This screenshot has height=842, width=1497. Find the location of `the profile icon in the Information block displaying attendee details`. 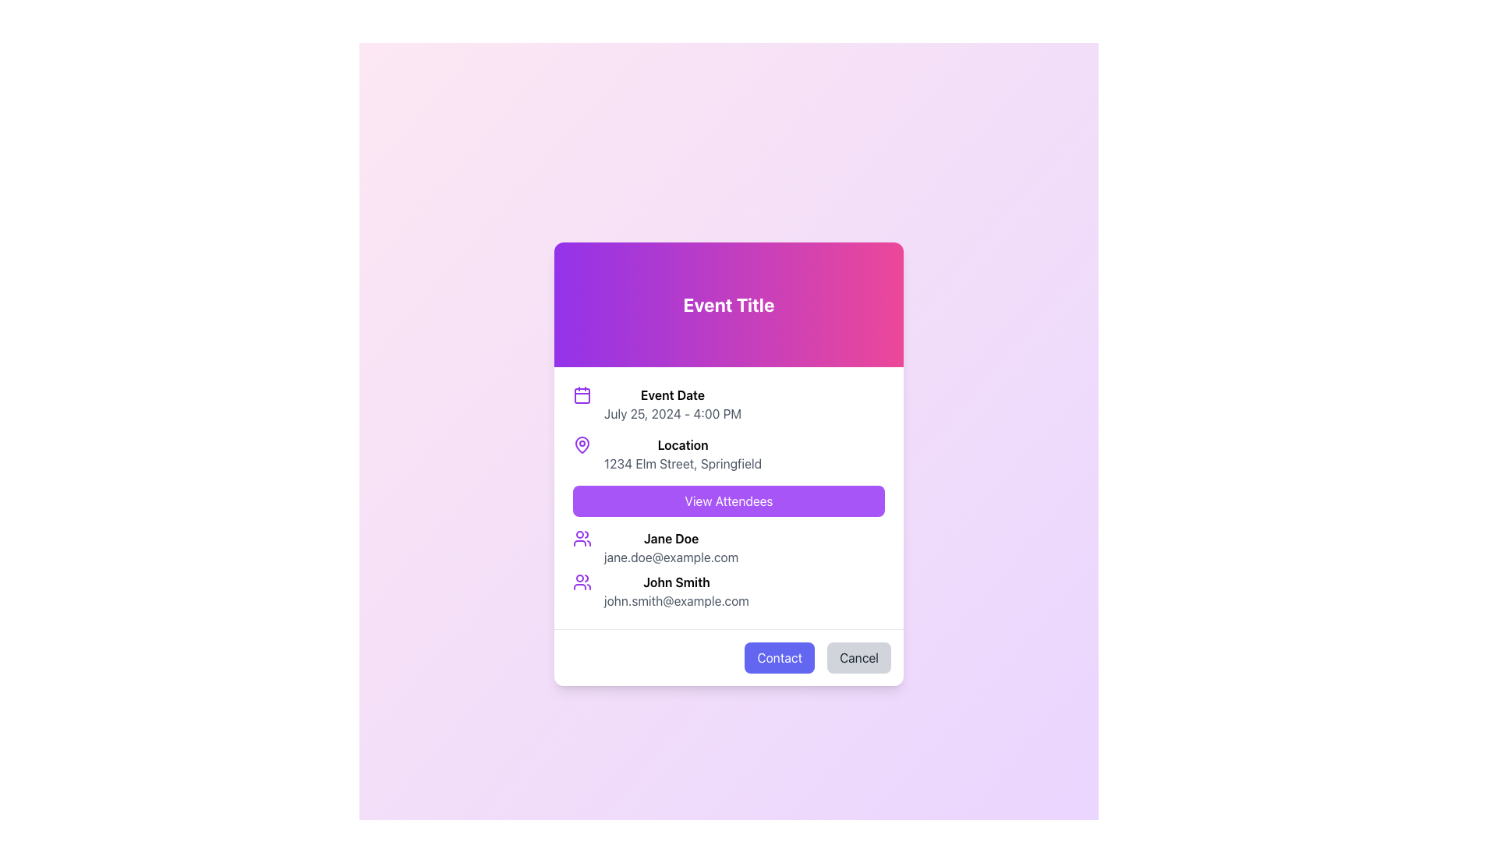

the profile icon in the Information block displaying attendee details is located at coordinates (728, 591).